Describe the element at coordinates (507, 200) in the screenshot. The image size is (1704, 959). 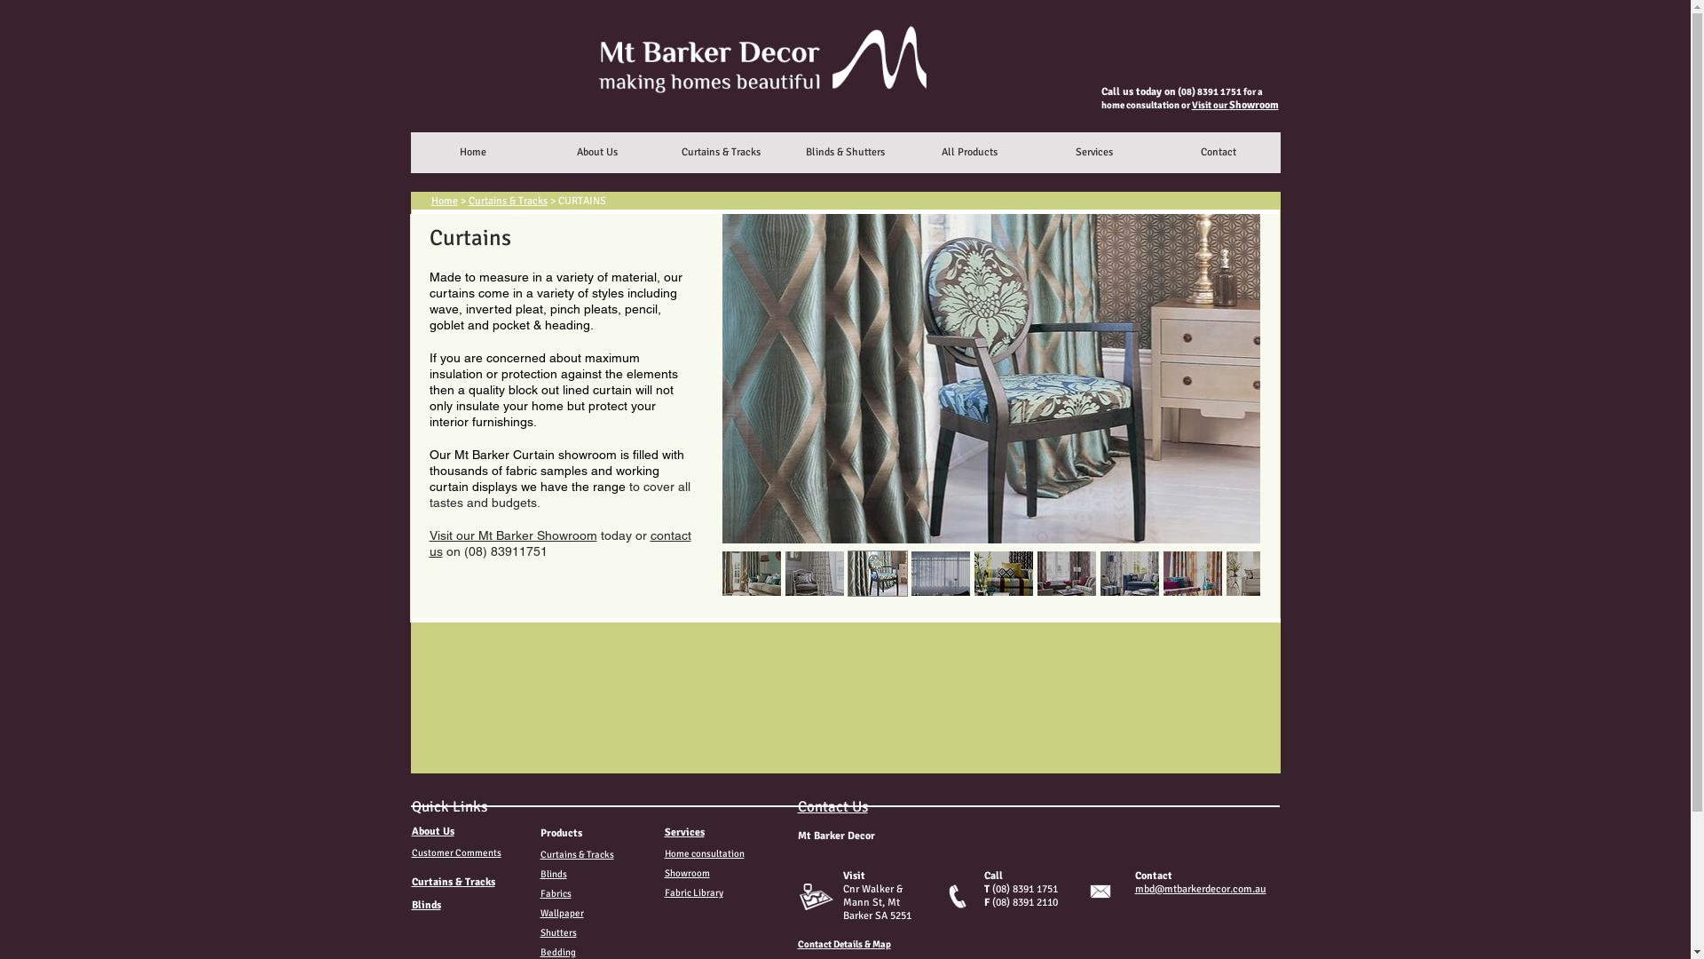
I see `'Curtains & Tracks'` at that location.